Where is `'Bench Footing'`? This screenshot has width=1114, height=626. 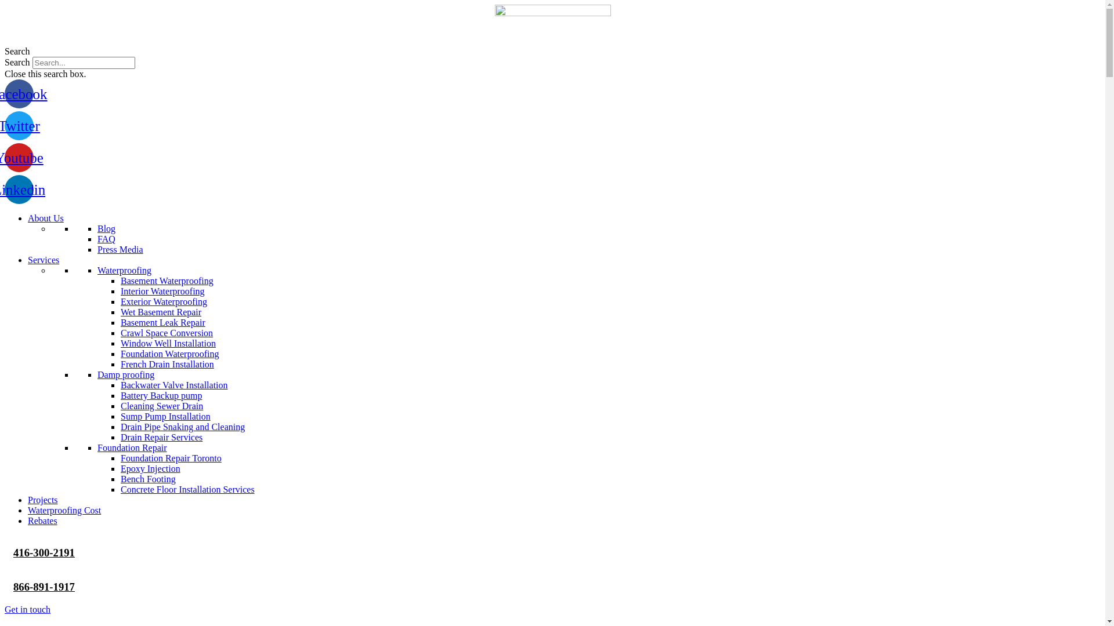
'Bench Footing' is located at coordinates (147, 479).